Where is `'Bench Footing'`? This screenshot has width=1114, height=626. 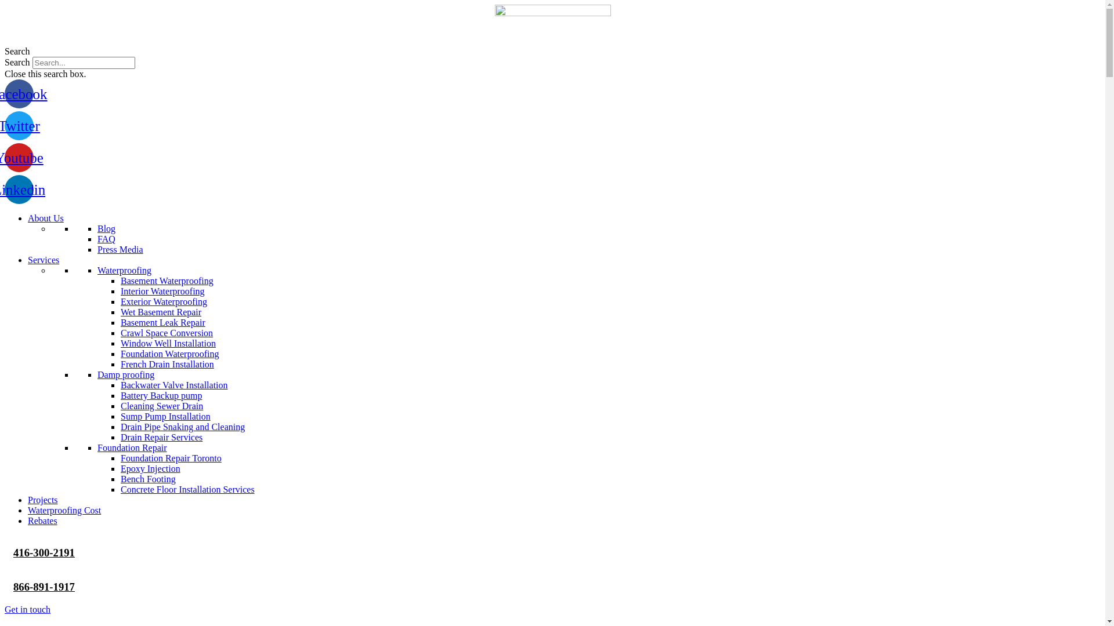
'Bench Footing' is located at coordinates (147, 479).